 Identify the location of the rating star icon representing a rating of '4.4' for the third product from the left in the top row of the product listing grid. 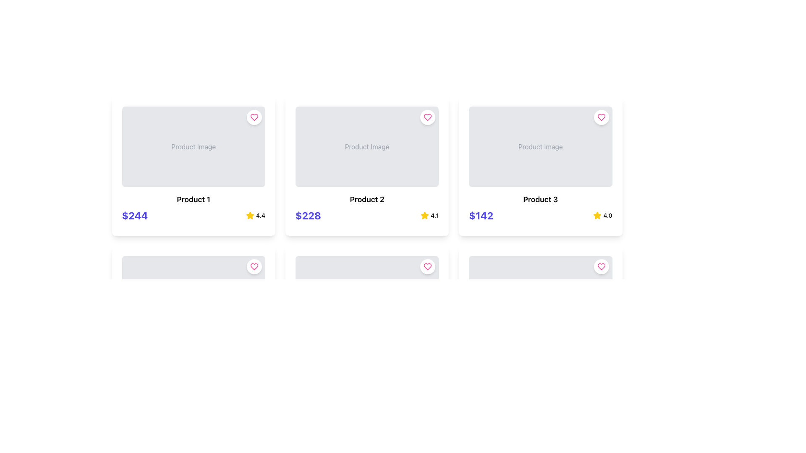
(250, 215).